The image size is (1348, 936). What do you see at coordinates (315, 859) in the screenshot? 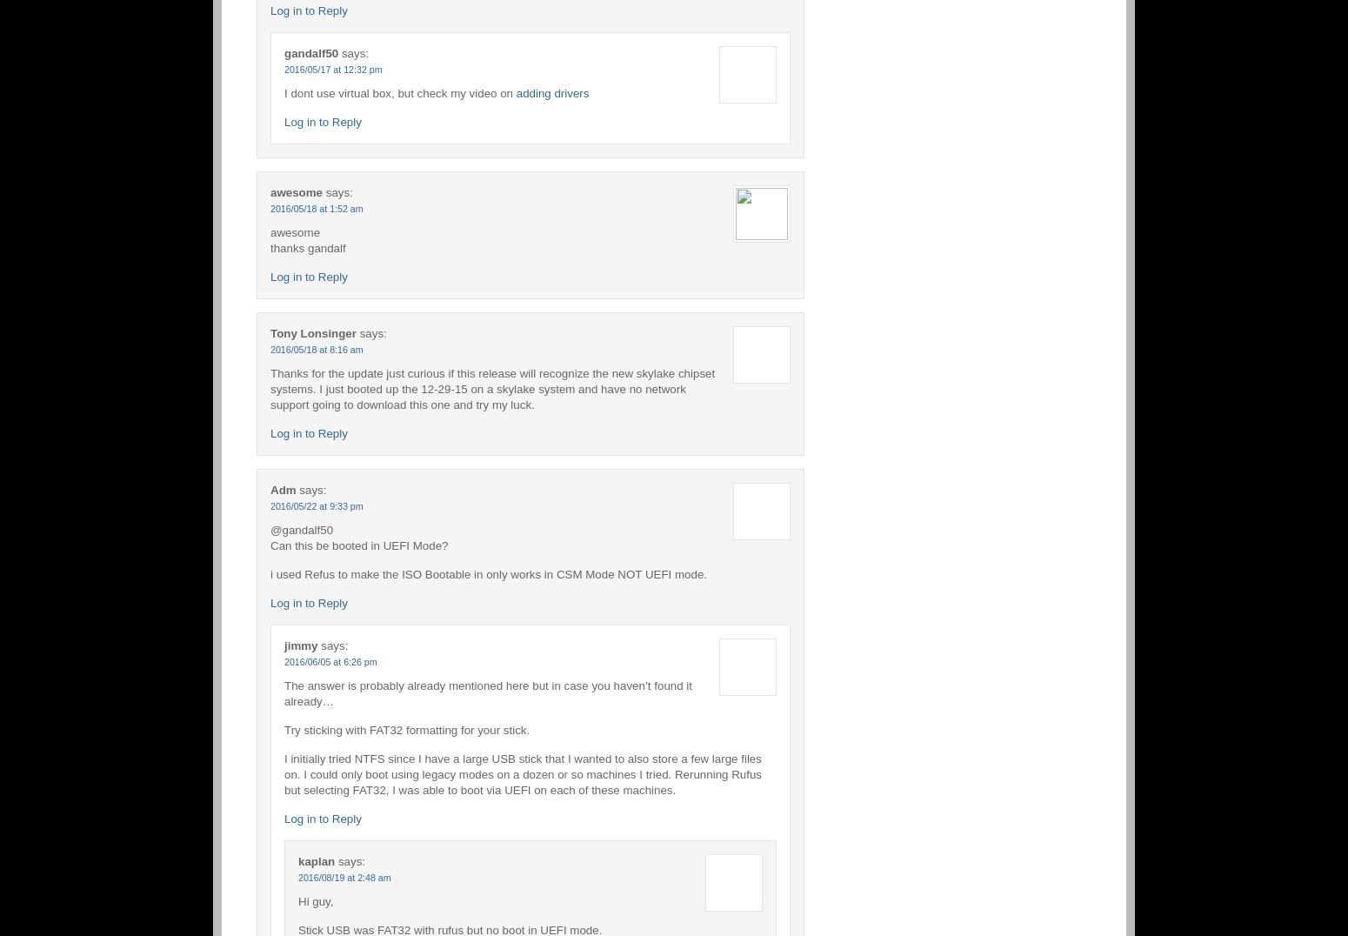
I see `'kaplan'` at bounding box center [315, 859].